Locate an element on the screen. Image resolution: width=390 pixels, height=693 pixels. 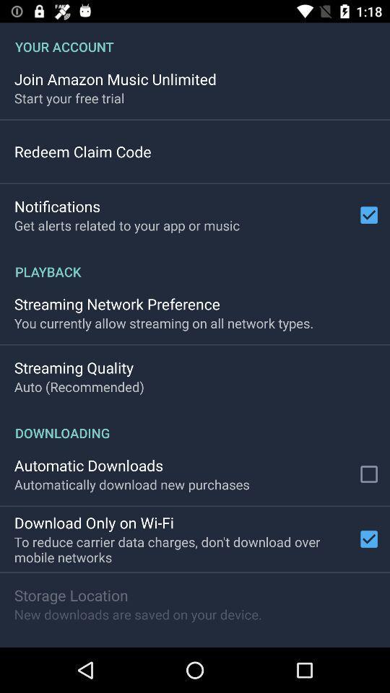
app above the get alerts related icon is located at coordinates (56, 205).